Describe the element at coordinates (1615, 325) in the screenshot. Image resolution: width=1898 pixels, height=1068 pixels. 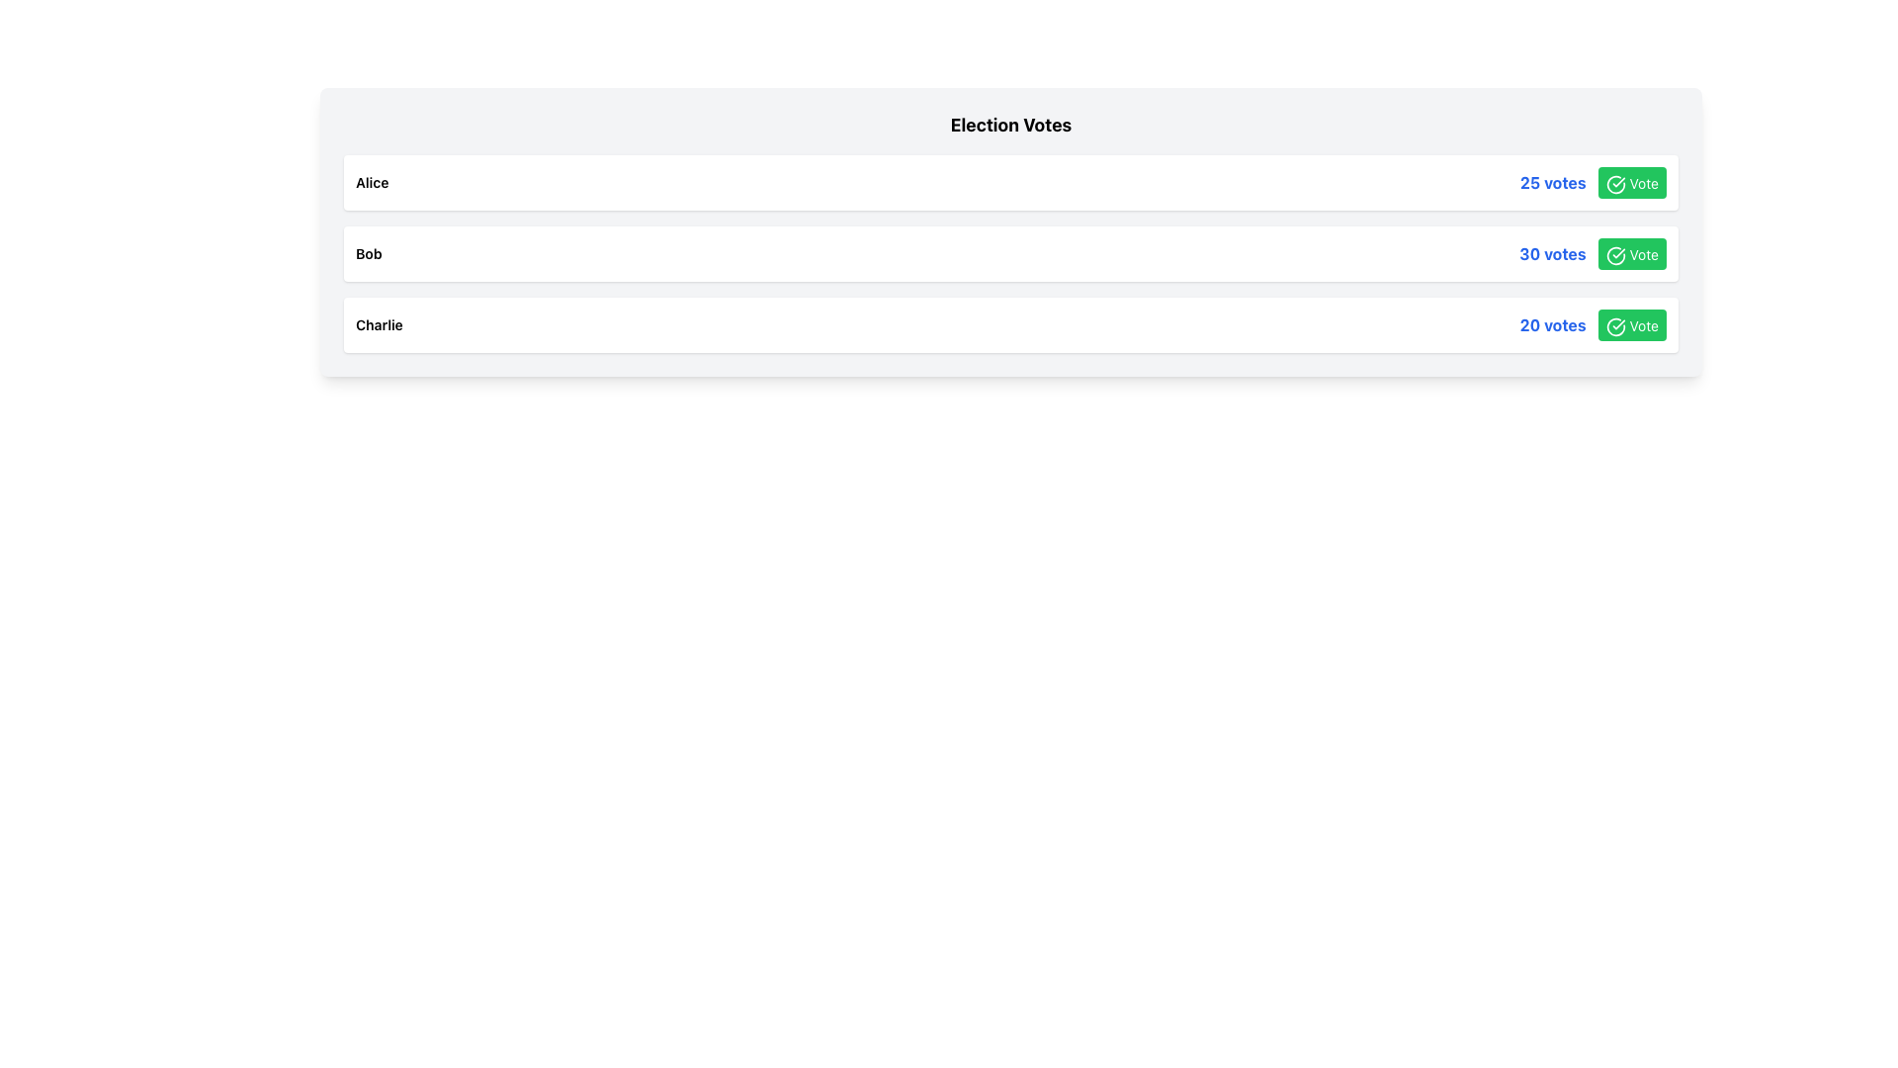
I see `the visual confirmation icon located inside the green 'Vote' button, positioned in the third row of the election results list, to the right of '20 votes'` at that location.